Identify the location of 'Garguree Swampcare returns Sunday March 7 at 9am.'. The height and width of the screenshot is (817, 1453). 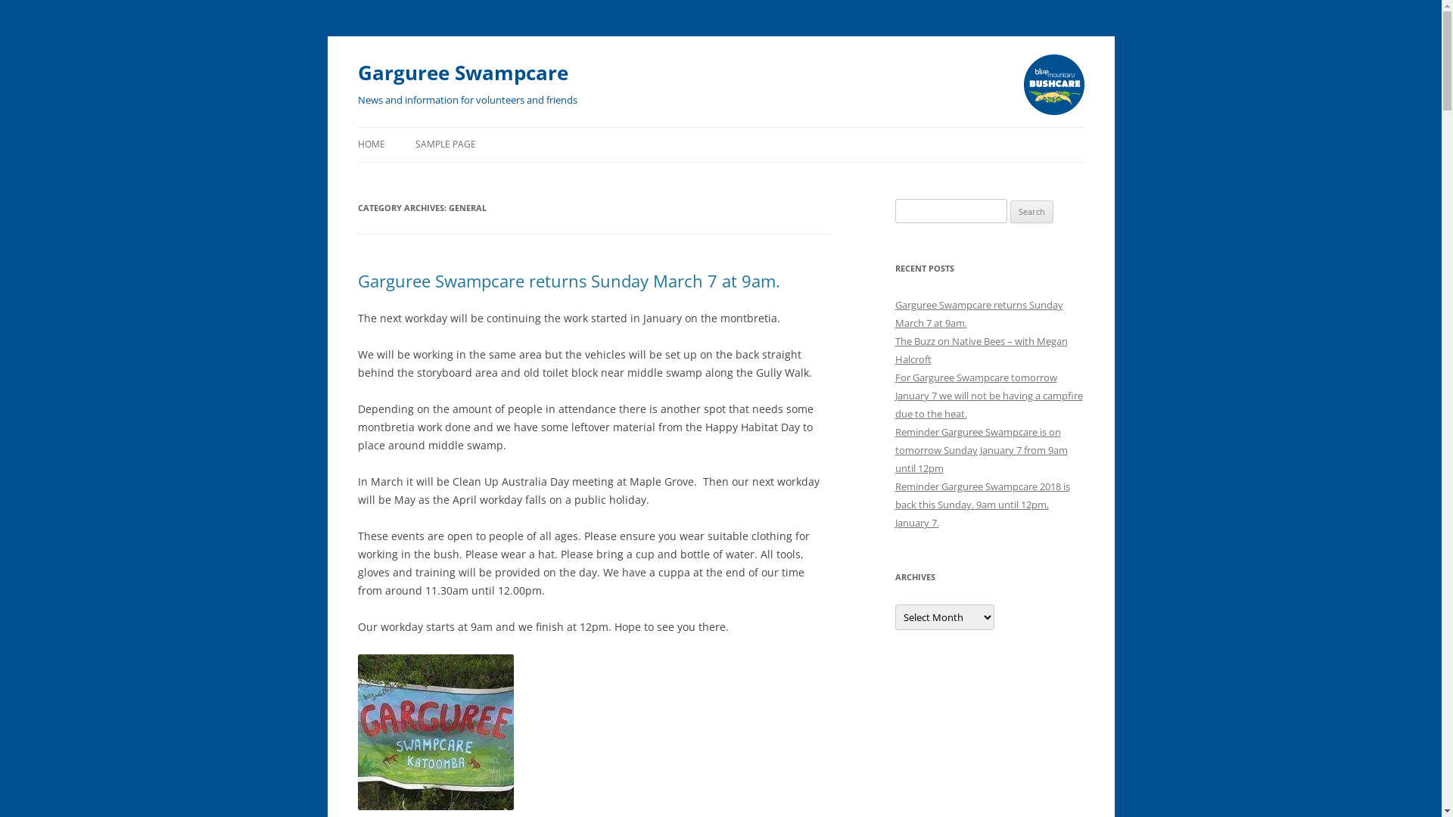
(978, 313).